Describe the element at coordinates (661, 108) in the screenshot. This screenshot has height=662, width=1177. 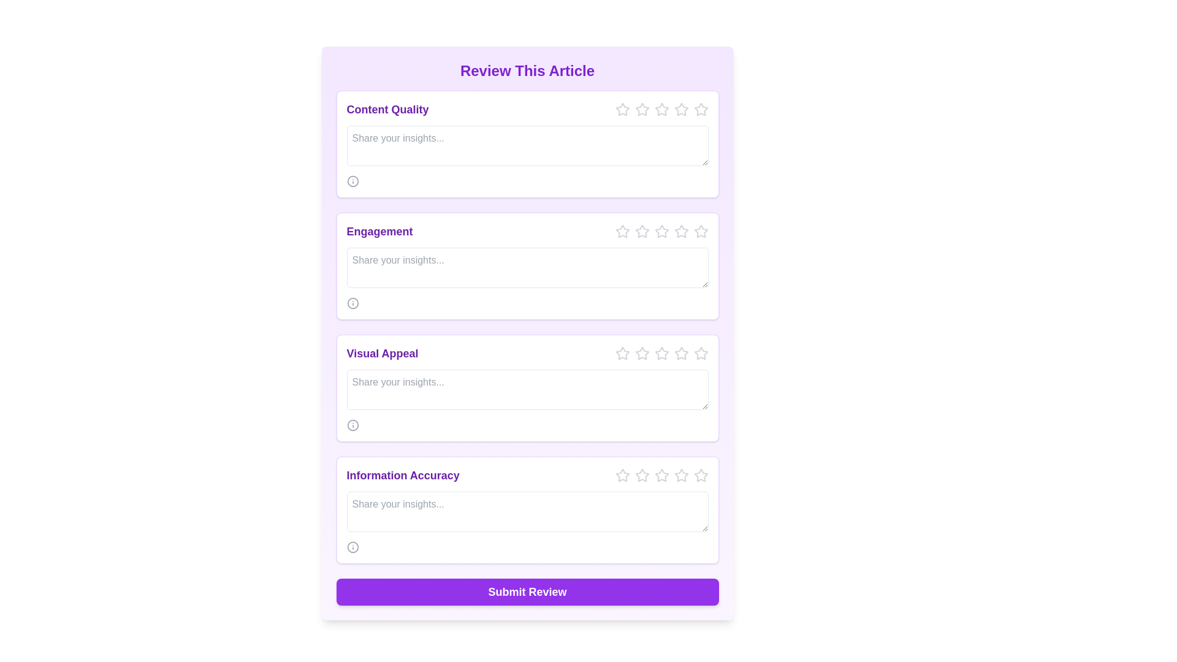
I see `the fourth star icon` at that location.